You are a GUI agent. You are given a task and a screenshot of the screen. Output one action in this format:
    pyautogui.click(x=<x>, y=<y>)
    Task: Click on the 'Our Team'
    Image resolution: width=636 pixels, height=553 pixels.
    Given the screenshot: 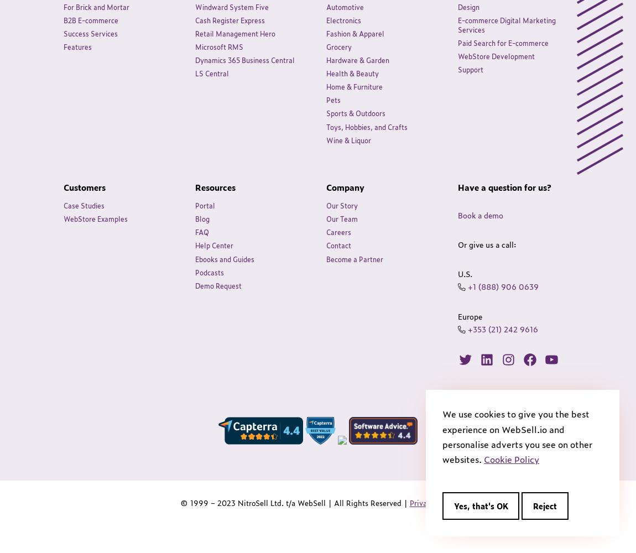 What is the action you would take?
    pyautogui.click(x=341, y=218)
    